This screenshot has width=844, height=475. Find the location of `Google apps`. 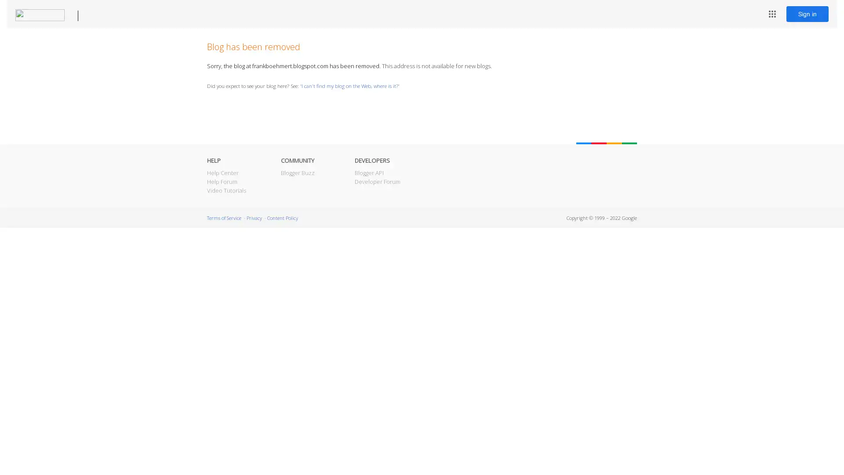

Google apps is located at coordinates (771, 14).